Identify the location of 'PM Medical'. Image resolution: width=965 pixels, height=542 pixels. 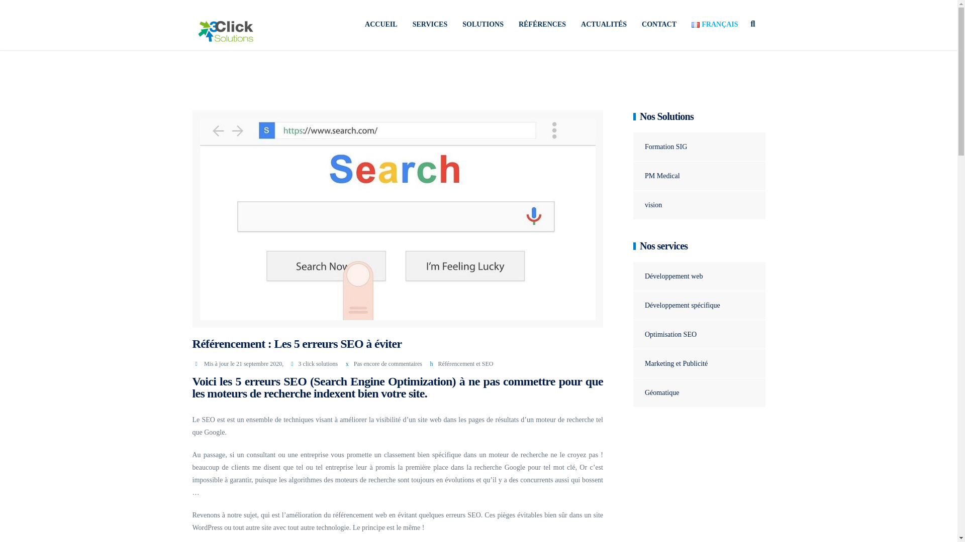
(656, 175).